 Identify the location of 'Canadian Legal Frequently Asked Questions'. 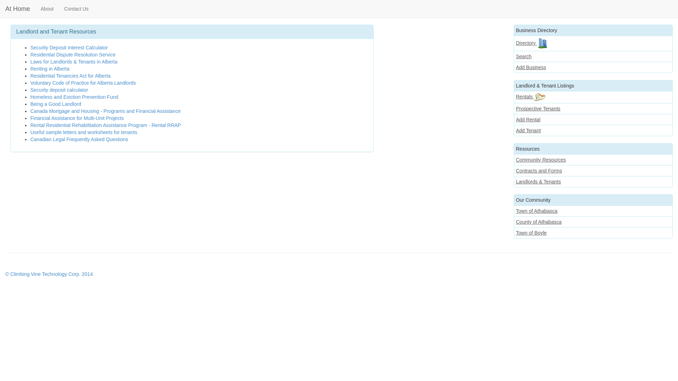
(79, 139).